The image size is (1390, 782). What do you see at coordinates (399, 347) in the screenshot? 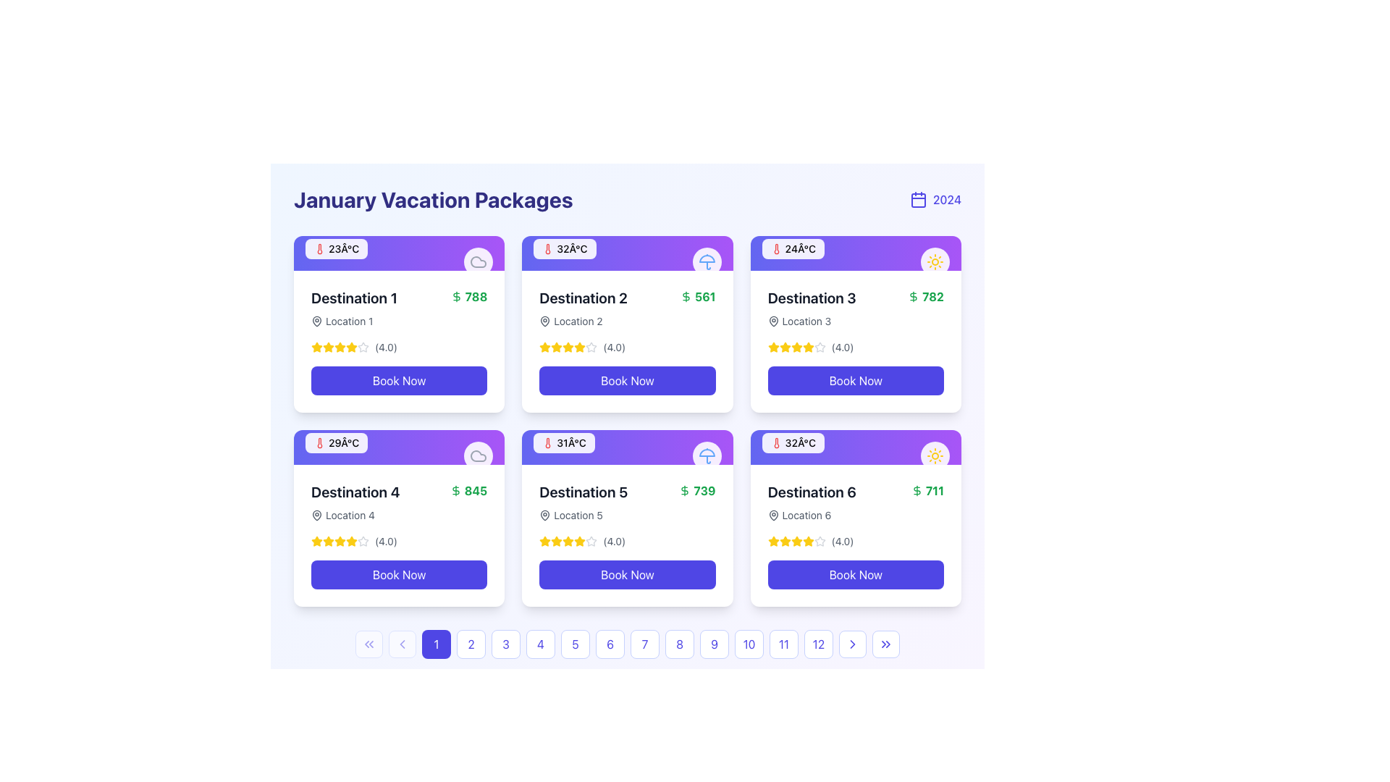
I see `rating value displayed in the Rating display component, which shows a star rating of 4.0 out of 5 and is located within the first card of the grid layout under 'January Vacation Packages'` at bounding box center [399, 347].